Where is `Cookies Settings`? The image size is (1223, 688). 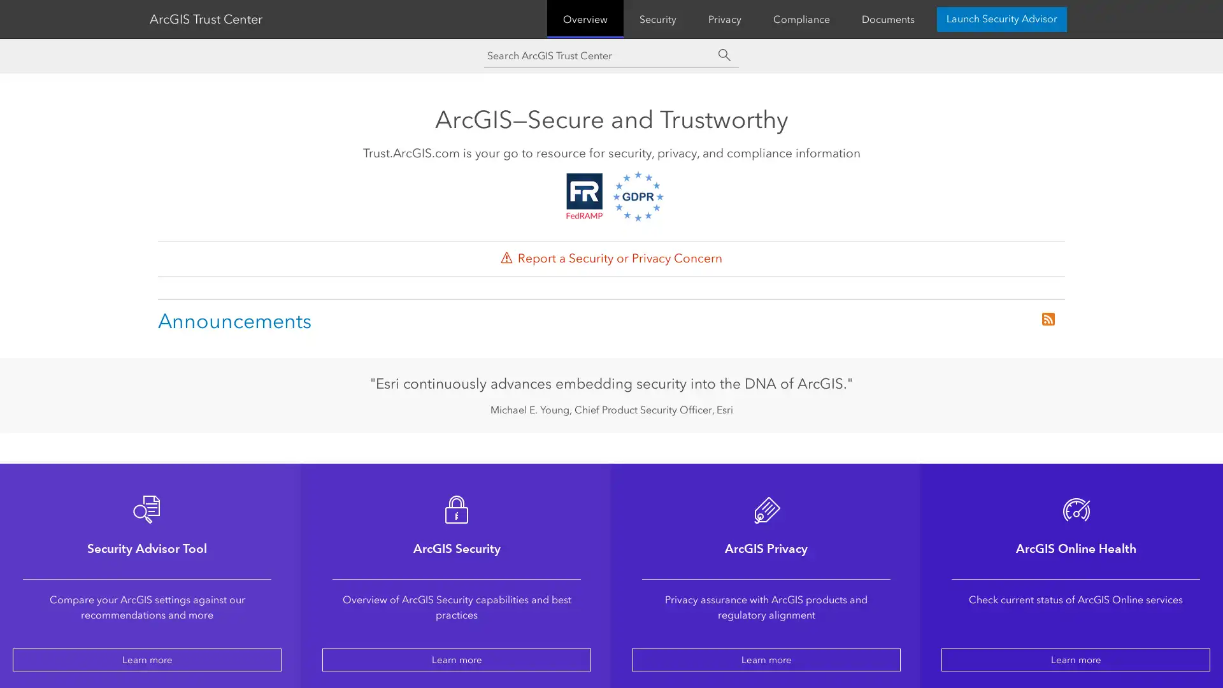 Cookies Settings is located at coordinates (1092, 638).